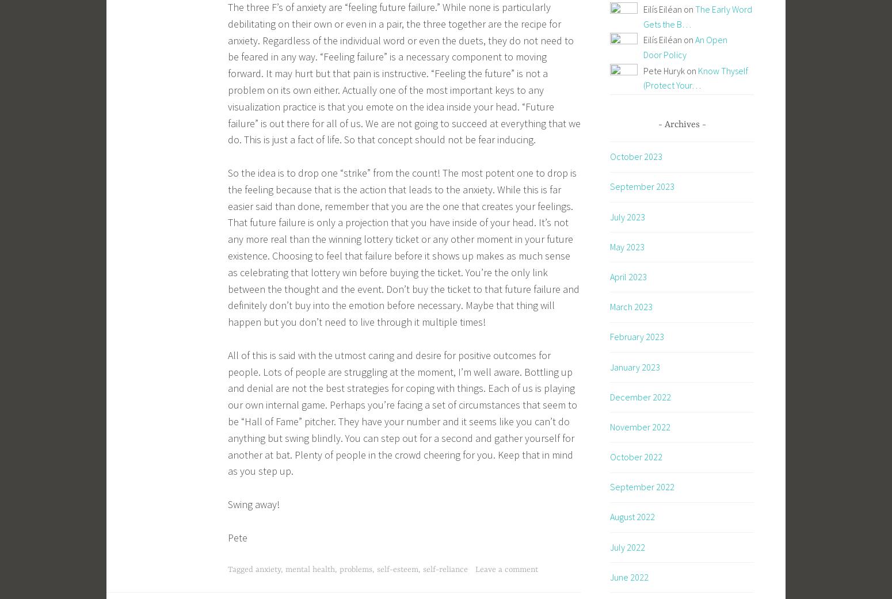 The width and height of the screenshot is (892, 599). What do you see at coordinates (639, 426) in the screenshot?
I see `'November 2022'` at bounding box center [639, 426].